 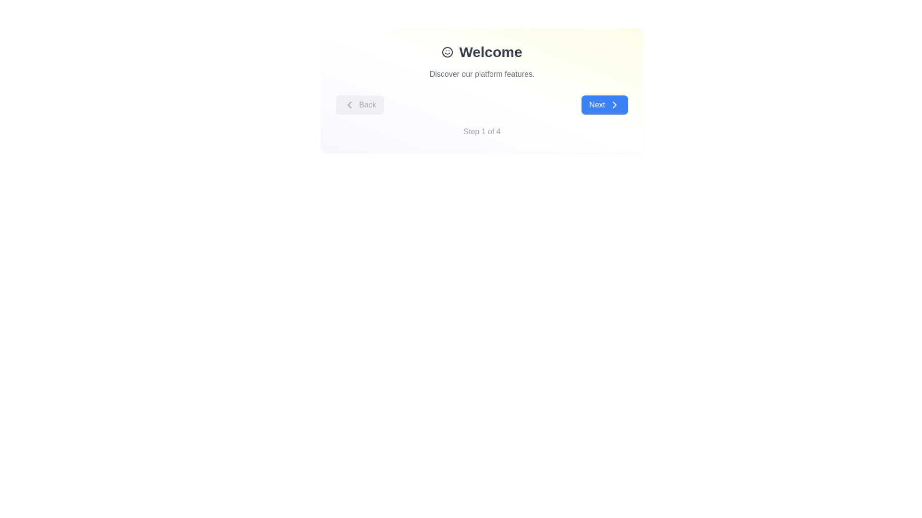 I want to click on the chevron SVG icon located on the left side of the 'Back' text within the button in the upper-left area of the content card, so click(x=349, y=105).